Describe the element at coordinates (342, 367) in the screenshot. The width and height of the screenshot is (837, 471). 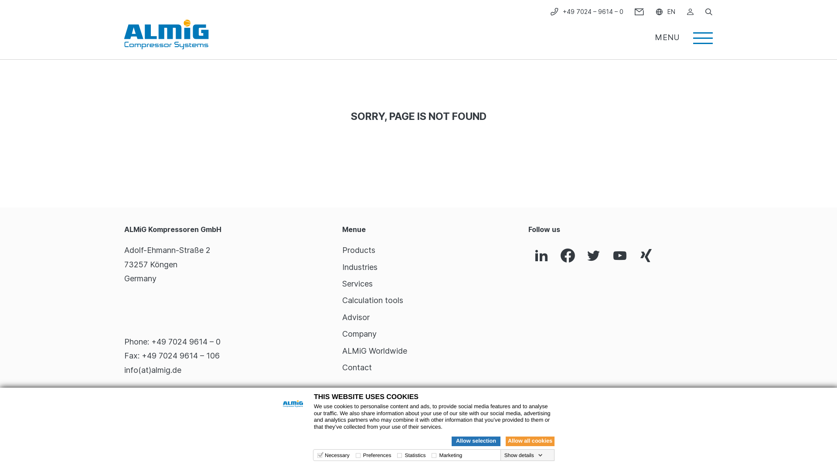
I see `'Contact'` at that location.